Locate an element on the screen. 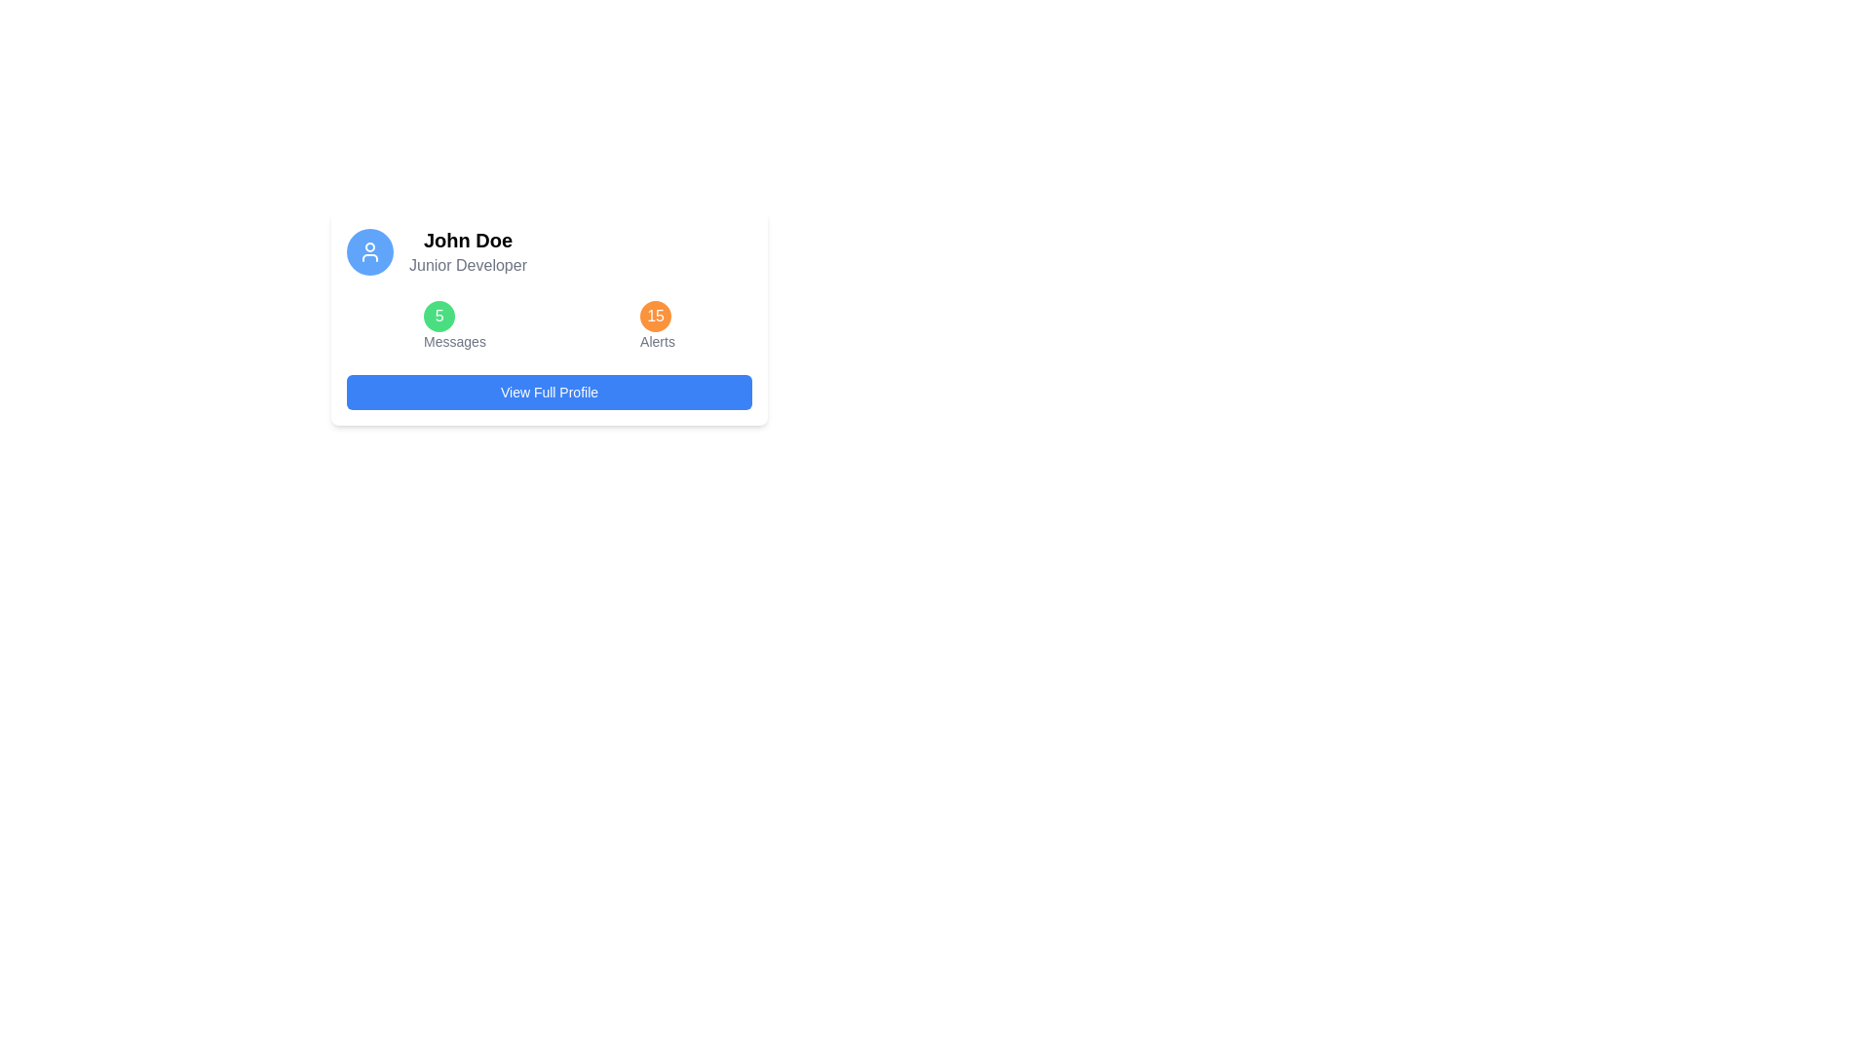 The height and width of the screenshot is (1052, 1871). the button located at the bottom of the card component is located at coordinates (549, 392).